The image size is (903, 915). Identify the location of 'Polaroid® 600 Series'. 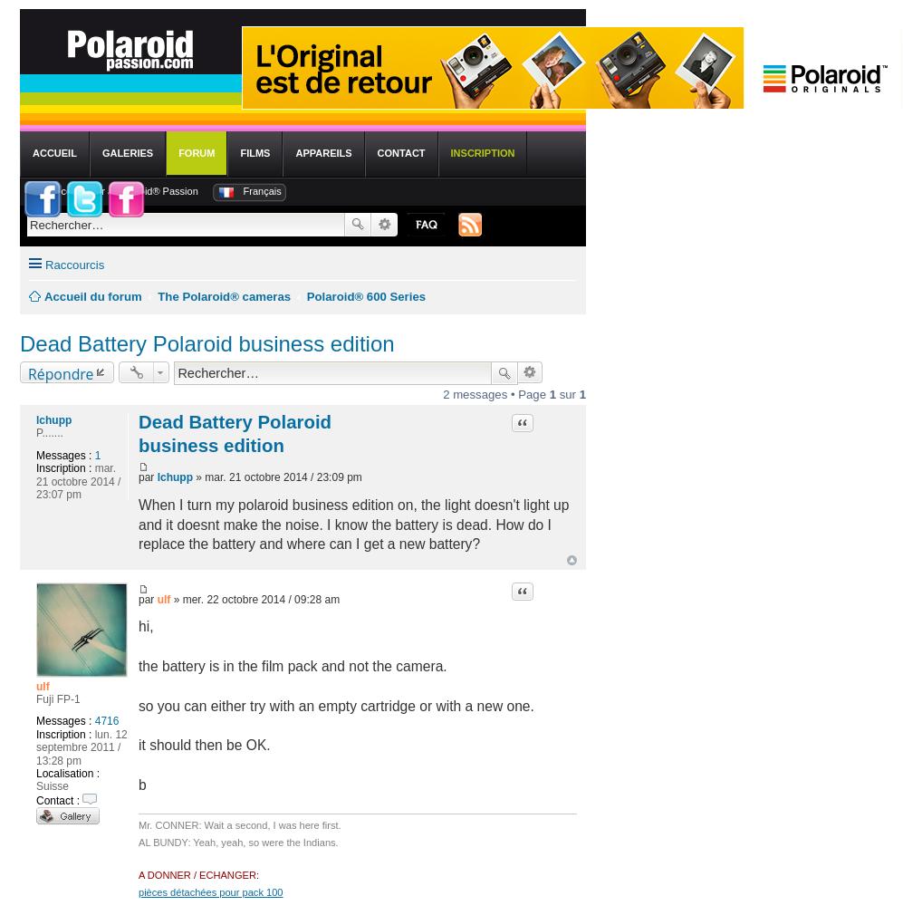
(365, 296).